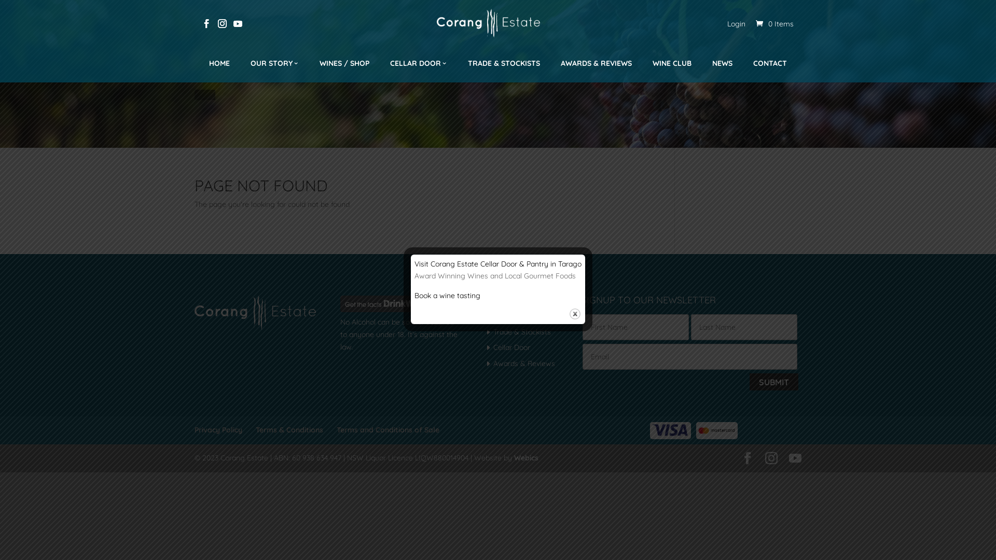  I want to click on 'Terms and Conditions of Sale', so click(388, 430).